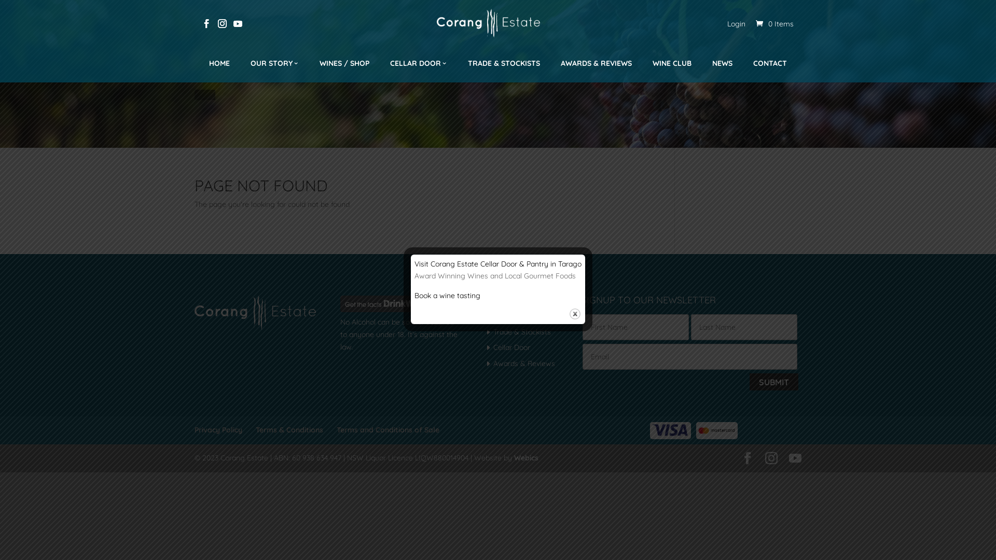  I want to click on 'Terms and Conditions of Sale', so click(388, 430).